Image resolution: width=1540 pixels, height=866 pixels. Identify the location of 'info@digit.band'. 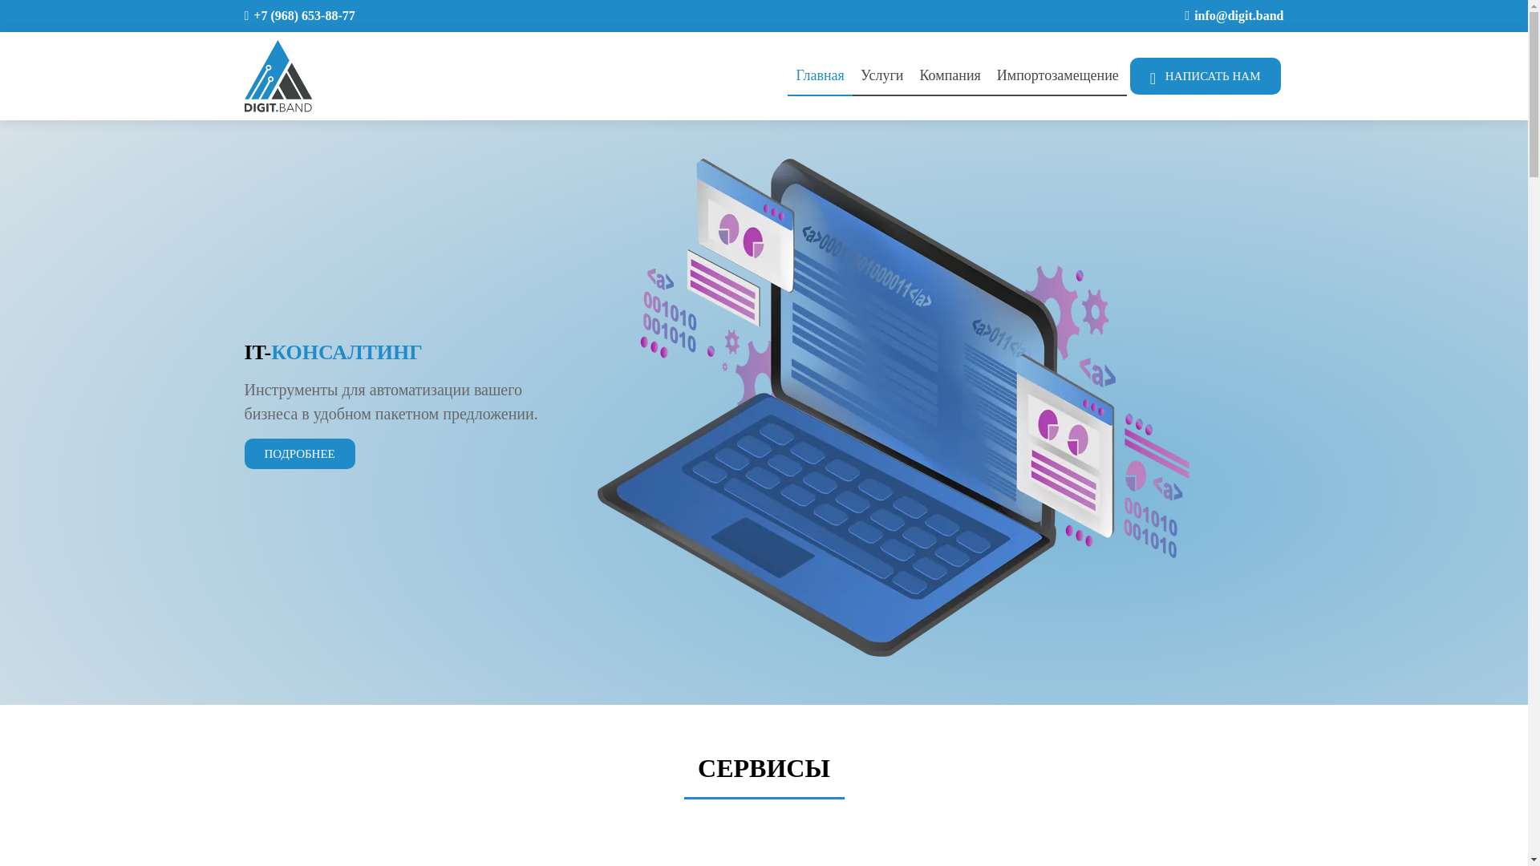
(1193, 15).